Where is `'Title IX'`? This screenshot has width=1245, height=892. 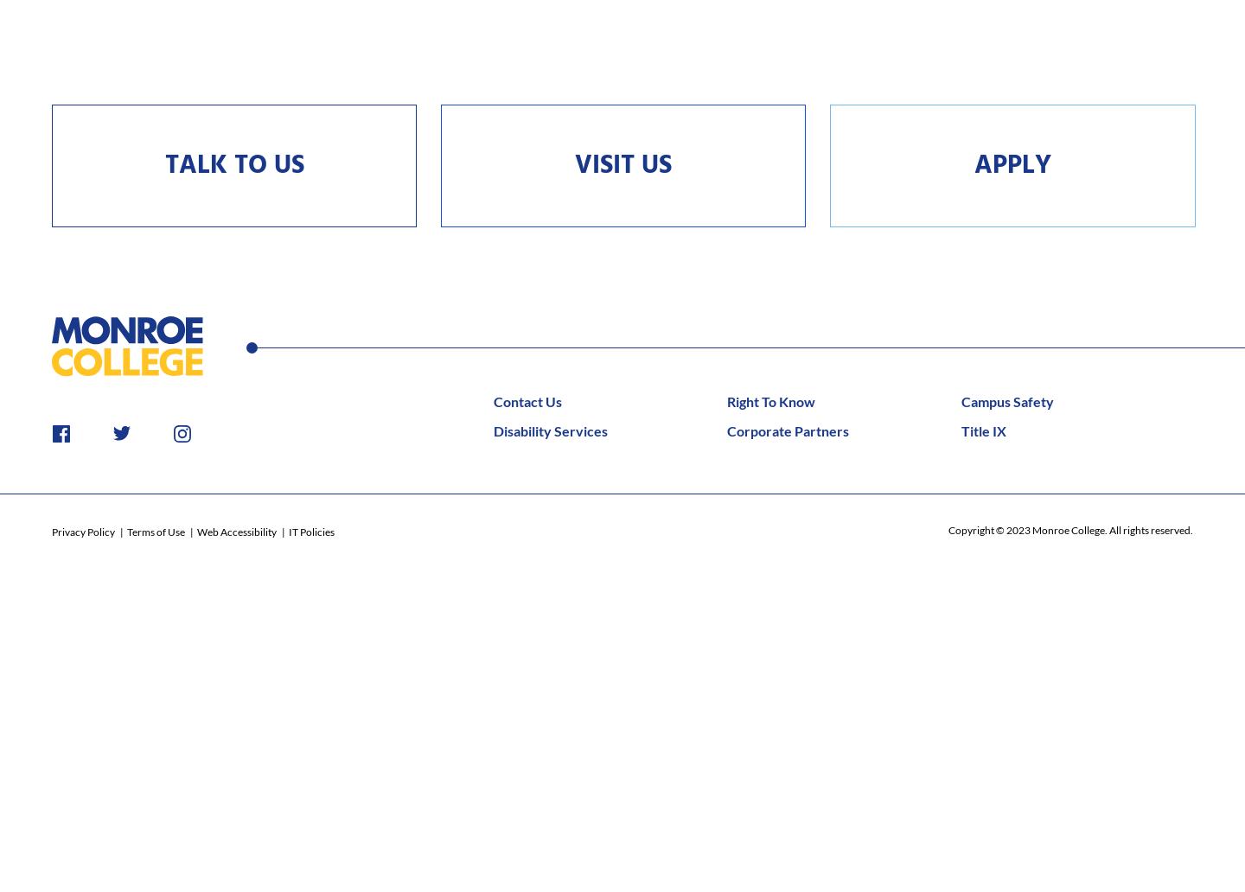
'Title IX' is located at coordinates (982, 429).